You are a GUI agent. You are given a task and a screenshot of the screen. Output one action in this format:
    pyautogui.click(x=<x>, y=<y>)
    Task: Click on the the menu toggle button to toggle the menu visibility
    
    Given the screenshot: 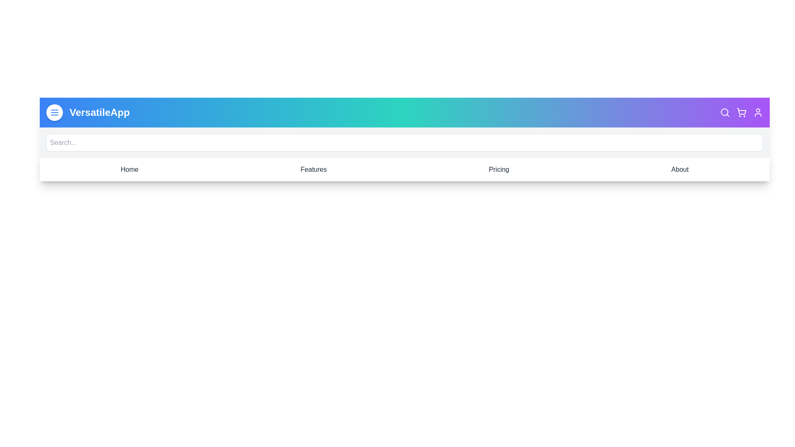 What is the action you would take?
    pyautogui.click(x=54, y=113)
    